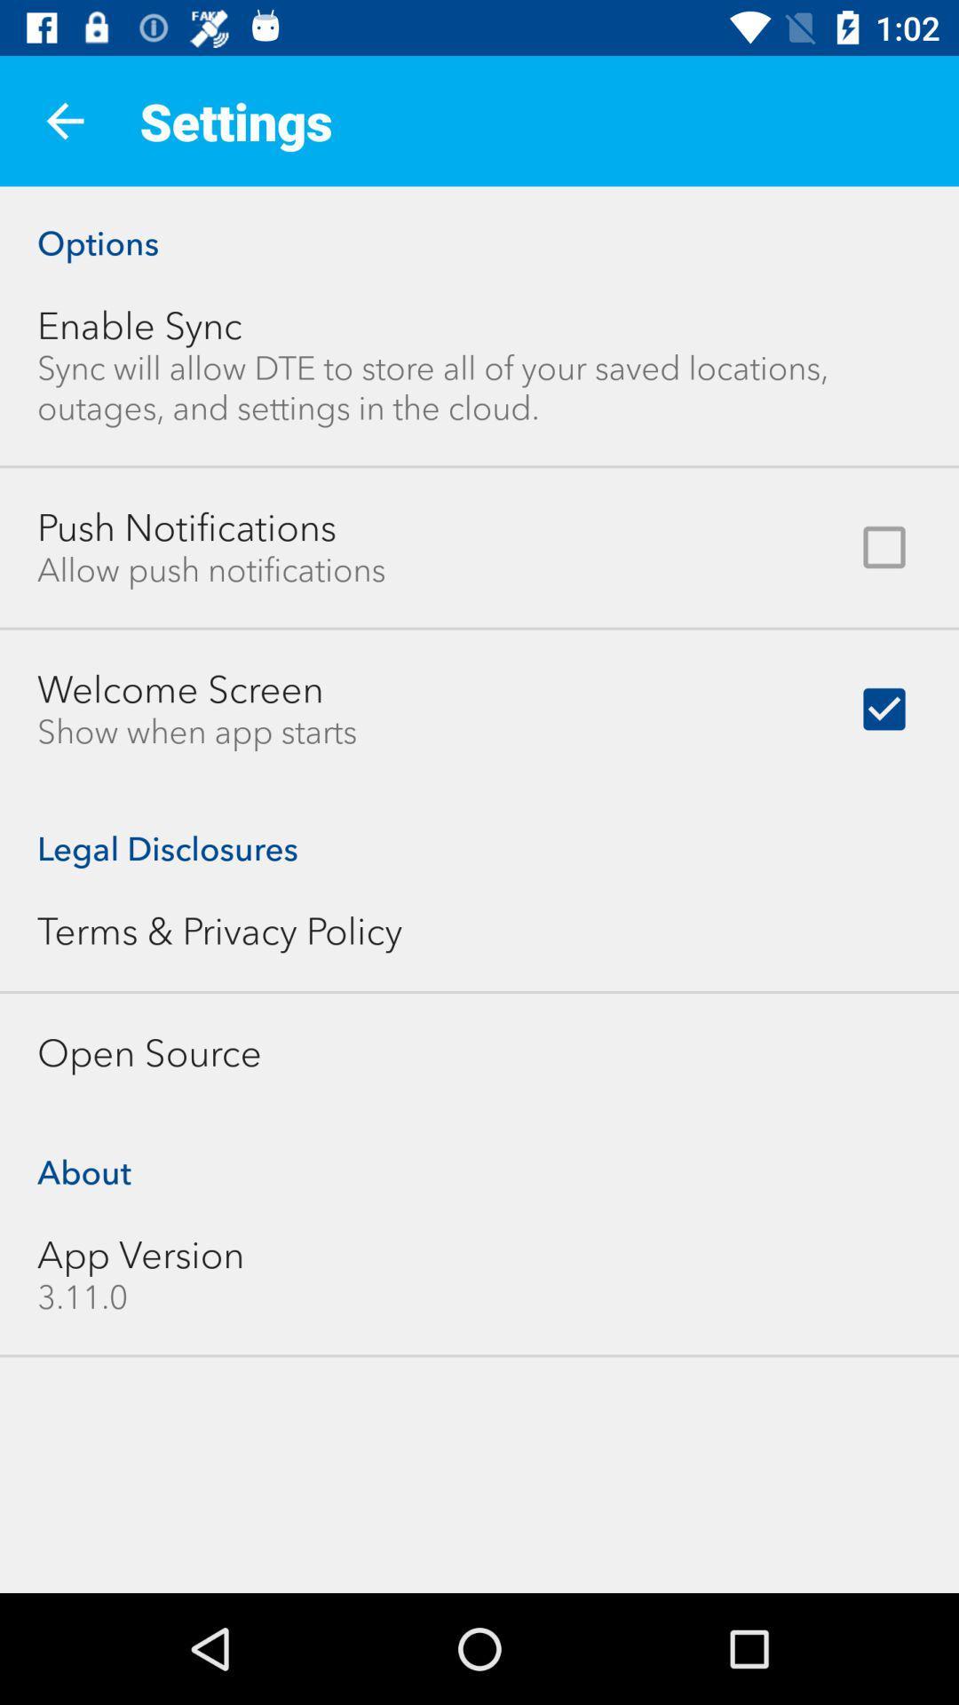  I want to click on the enable sync icon, so click(139, 326).